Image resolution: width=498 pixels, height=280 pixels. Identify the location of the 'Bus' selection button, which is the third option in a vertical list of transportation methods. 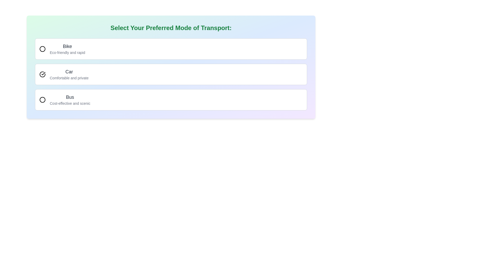
(171, 100).